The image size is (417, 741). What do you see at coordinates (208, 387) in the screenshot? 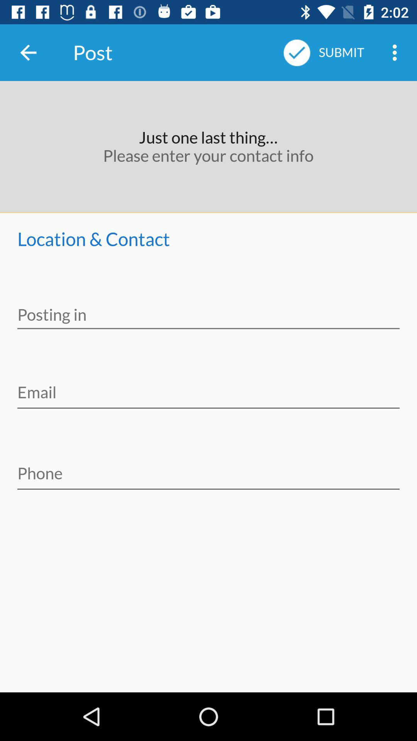
I see `email in text box` at bounding box center [208, 387].